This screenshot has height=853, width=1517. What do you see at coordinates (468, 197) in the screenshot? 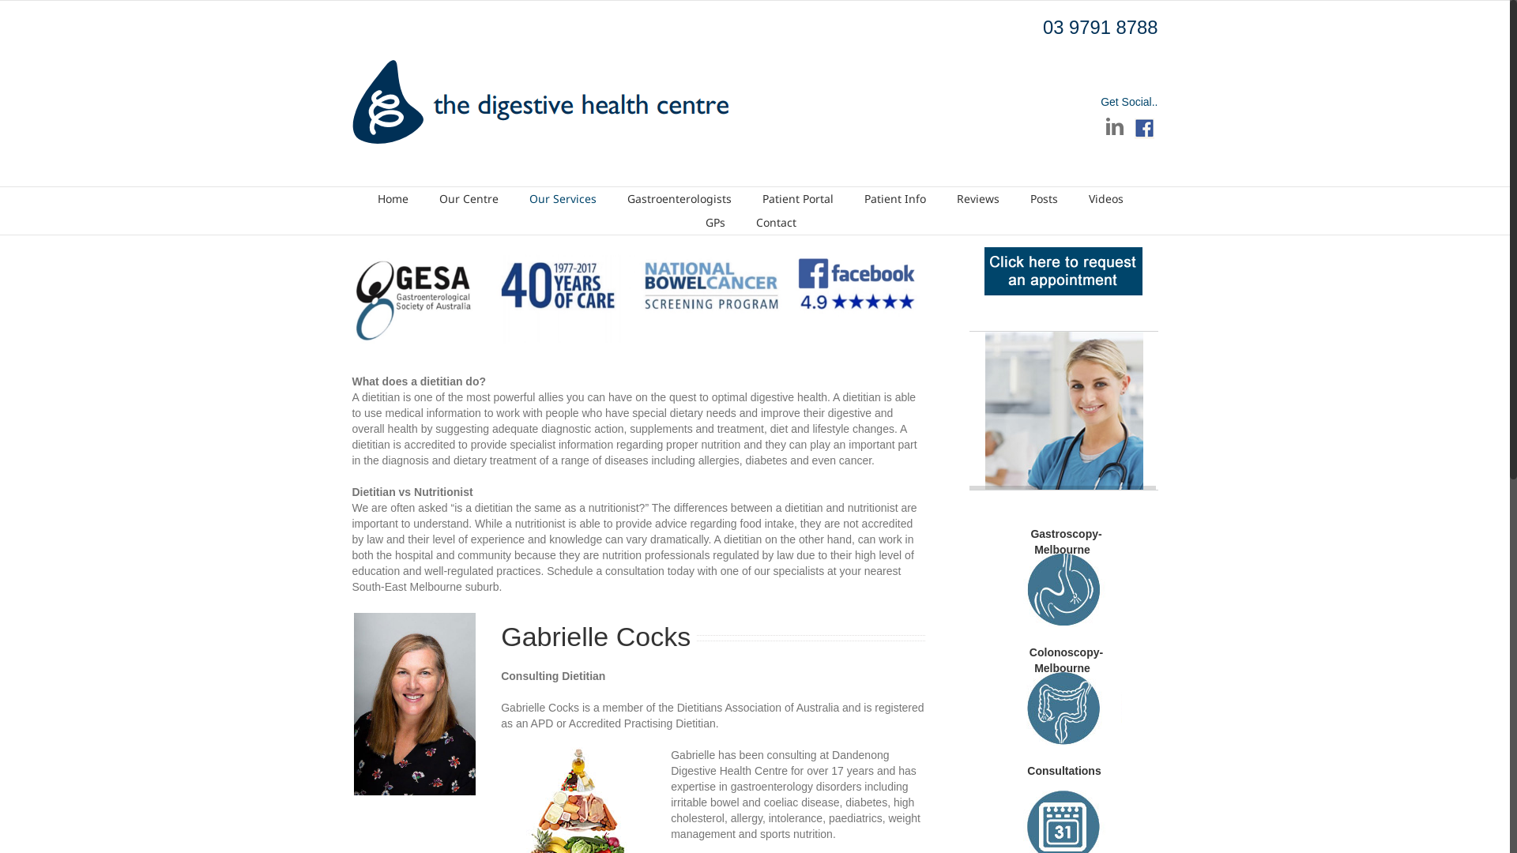
I see `'Our Centre'` at bounding box center [468, 197].